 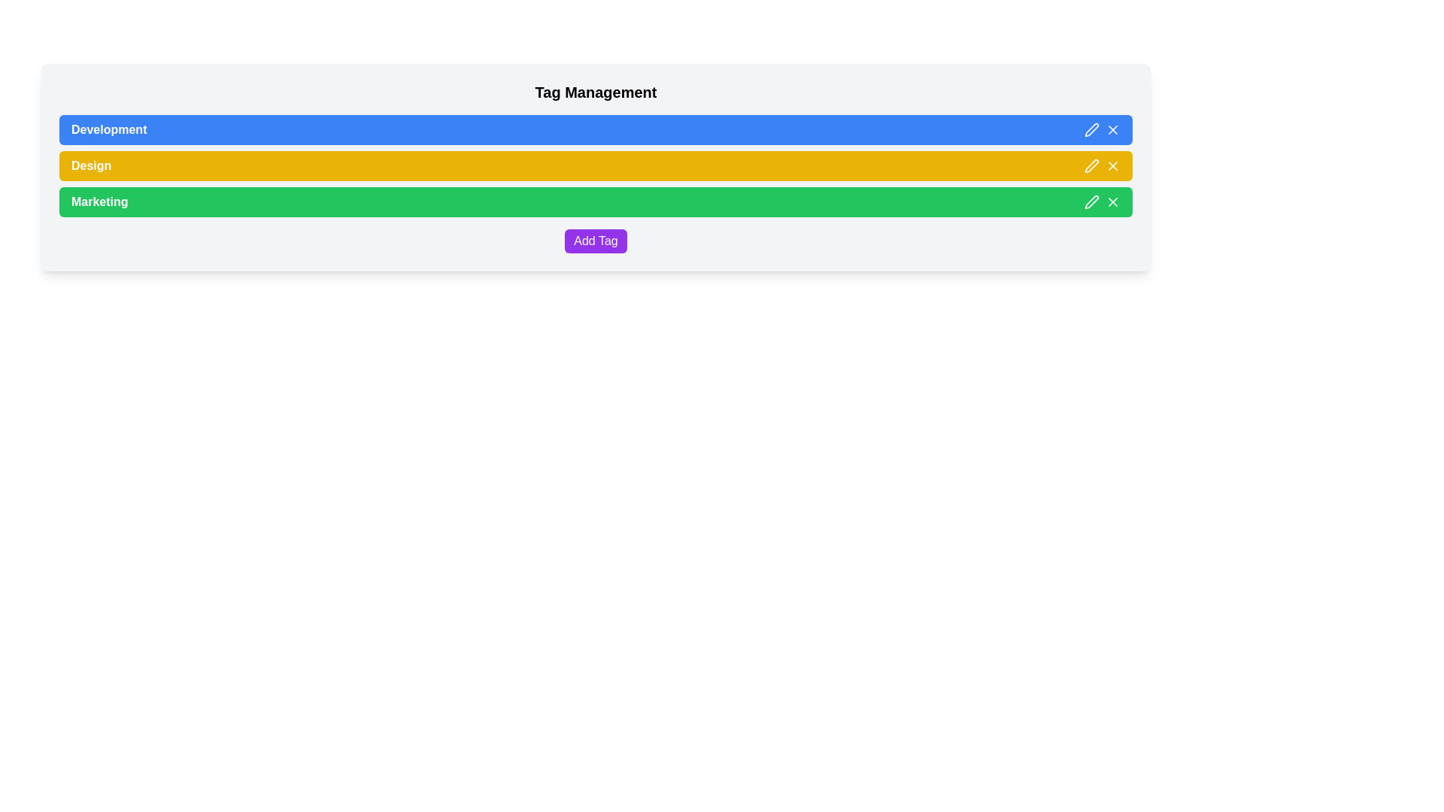 What do you see at coordinates (1091, 165) in the screenshot?
I see `the Edit Pen icon, which is a small pen illustration located on the right-hand side of the yellow section representing the 'Design' tag in the tag management list` at bounding box center [1091, 165].